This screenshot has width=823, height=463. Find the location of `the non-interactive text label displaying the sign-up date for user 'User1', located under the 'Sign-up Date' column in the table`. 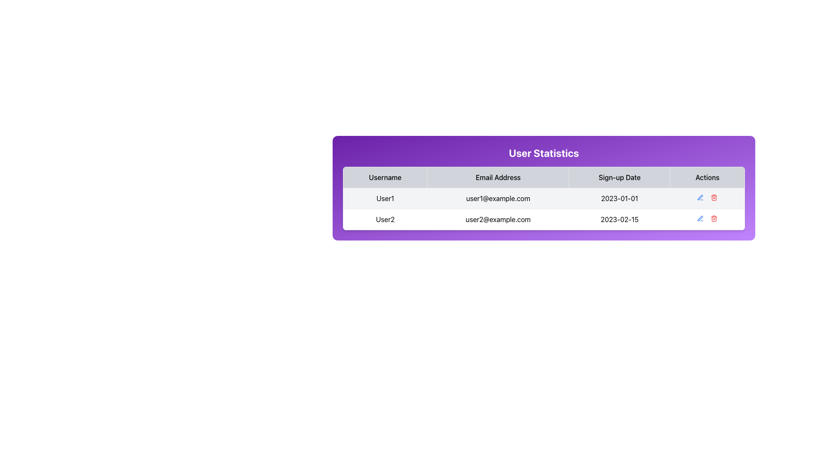

the non-interactive text label displaying the sign-up date for user 'User1', located under the 'Sign-up Date' column in the table is located at coordinates (619, 198).